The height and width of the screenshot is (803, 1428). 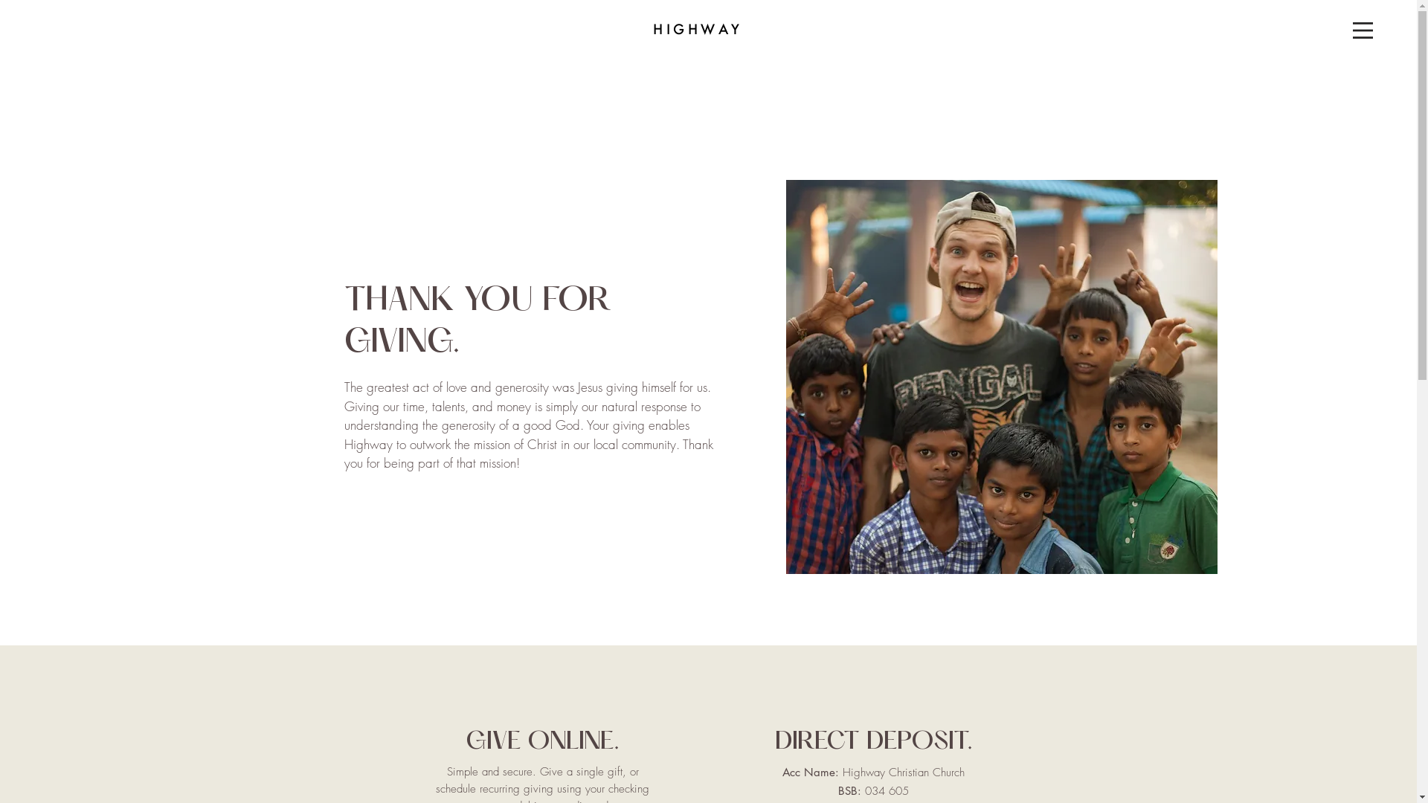 What do you see at coordinates (653, 29) in the screenshot?
I see `'HIGHWAY'` at bounding box center [653, 29].